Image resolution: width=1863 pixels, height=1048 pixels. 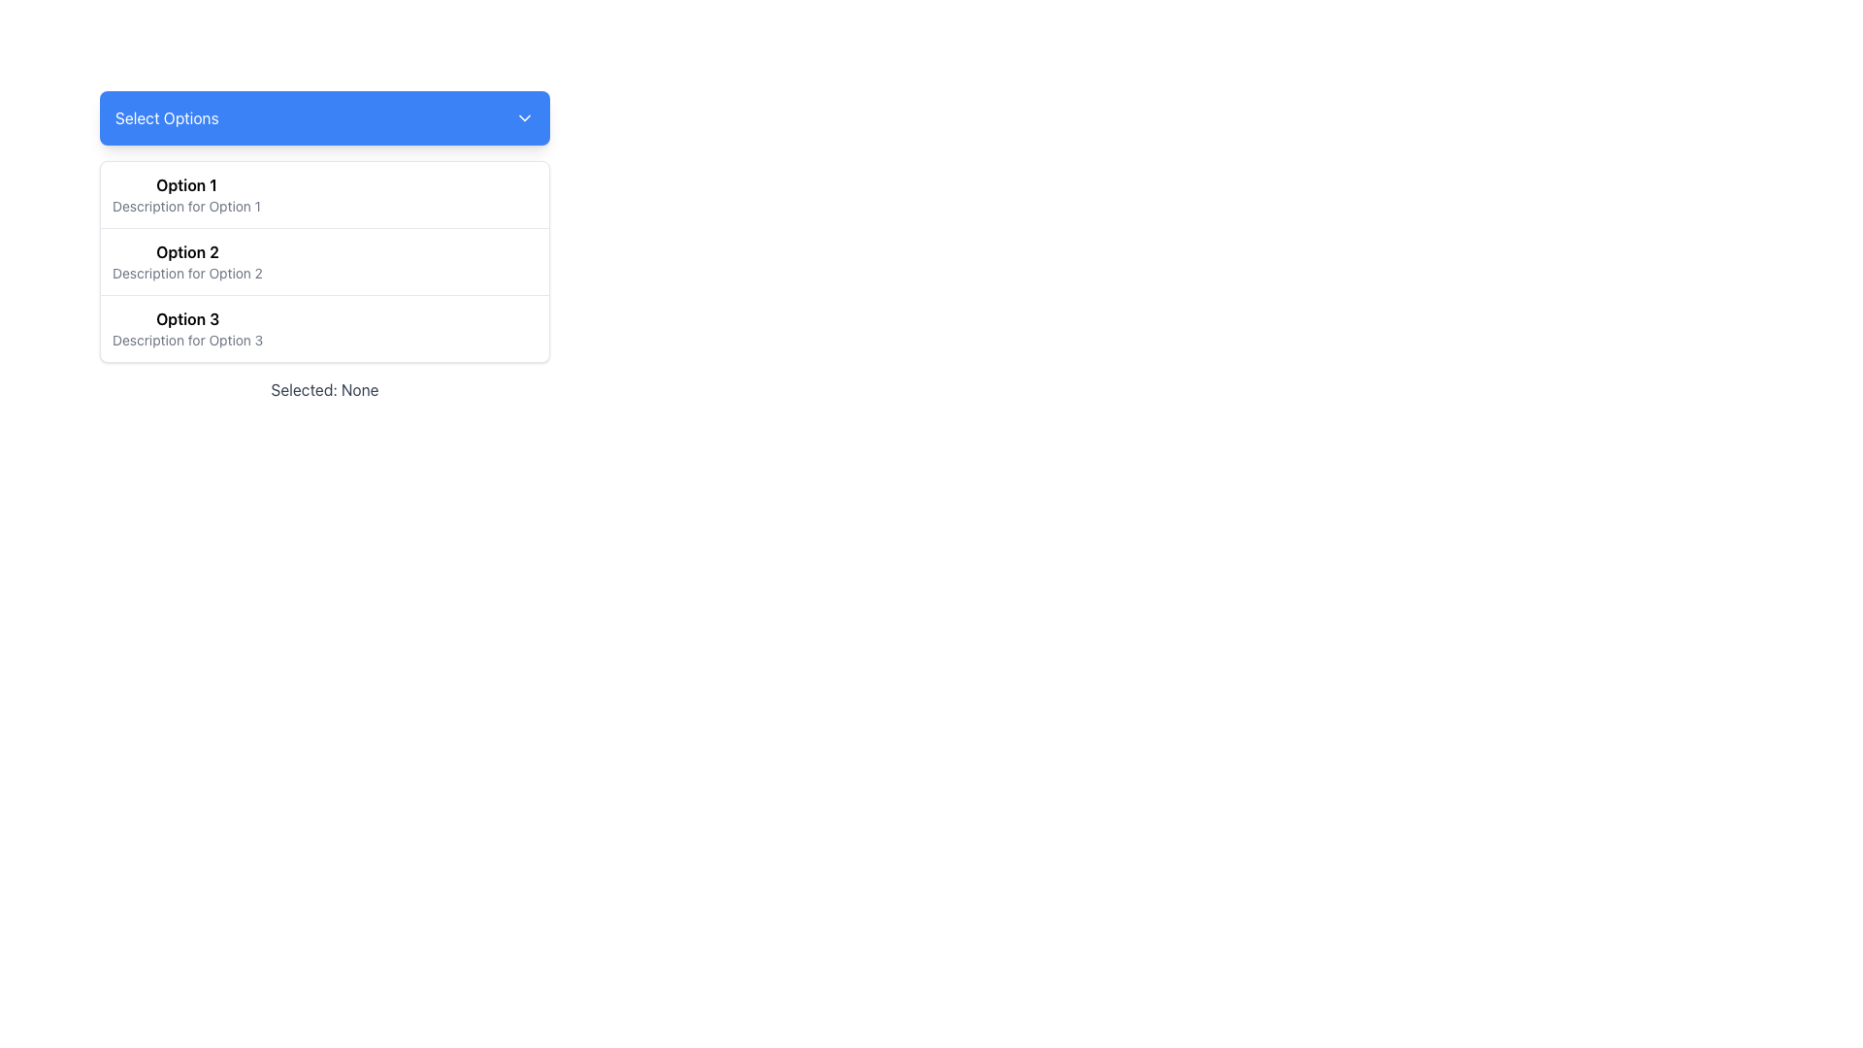 What do you see at coordinates (325, 260) in the screenshot?
I see `the second list item in the dropdown menu labeled 'Option 2'` at bounding box center [325, 260].